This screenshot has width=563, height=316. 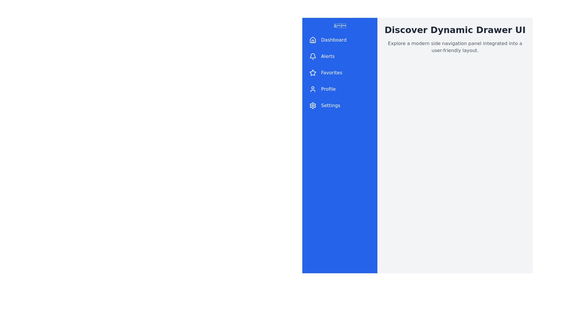 What do you see at coordinates (312, 72) in the screenshot?
I see `the blue star-shaped icon in the navigation sidebar, which is located to the left of the 'Favorites' text` at bounding box center [312, 72].